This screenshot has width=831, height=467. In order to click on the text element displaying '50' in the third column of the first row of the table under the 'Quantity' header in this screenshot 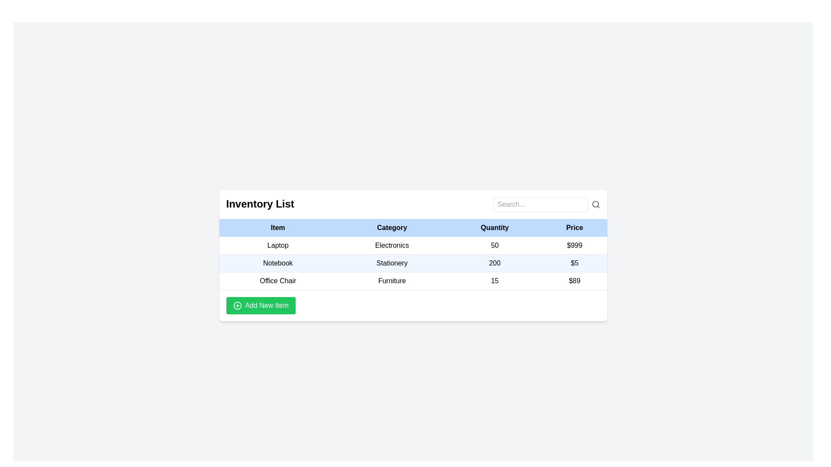, I will do `click(495, 245)`.